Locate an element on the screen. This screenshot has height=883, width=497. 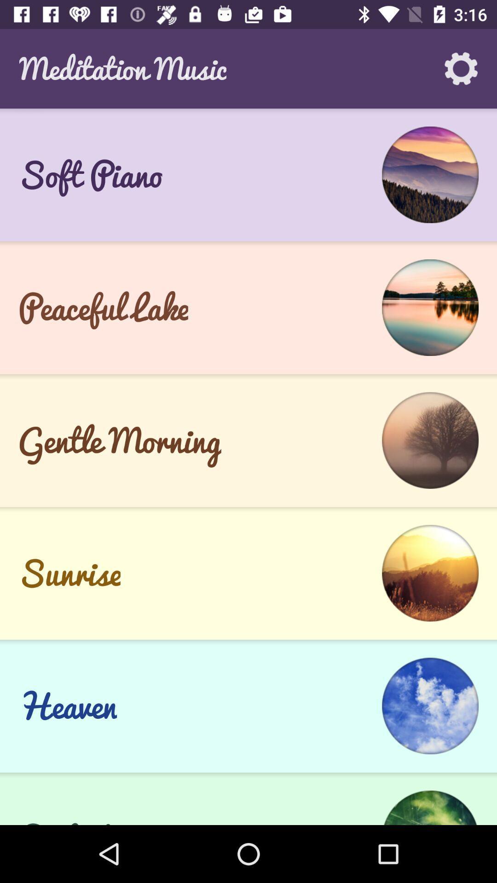
the item below the meditation music is located at coordinates (248, 175).